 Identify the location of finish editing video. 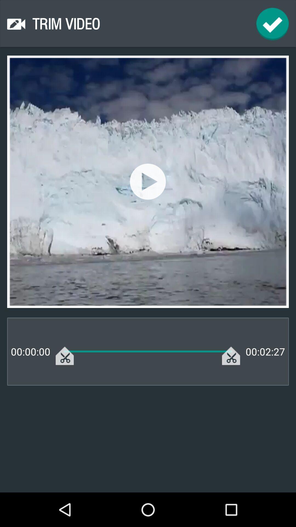
(272, 24).